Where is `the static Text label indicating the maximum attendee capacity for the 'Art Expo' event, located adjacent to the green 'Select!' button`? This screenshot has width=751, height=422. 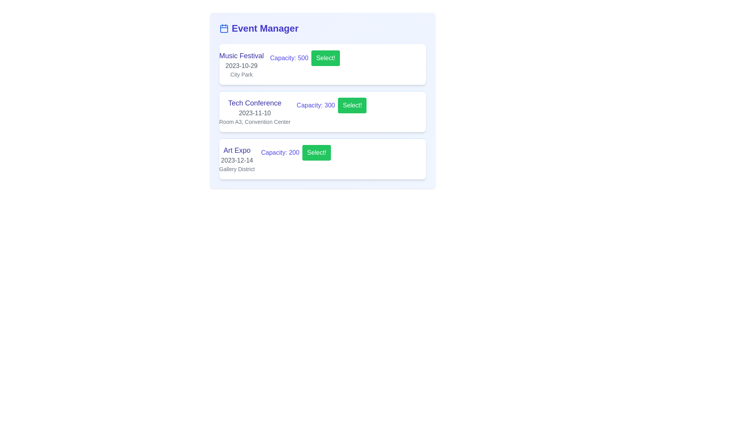 the static Text label indicating the maximum attendee capacity for the 'Art Expo' event, located adjacent to the green 'Select!' button is located at coordinates (280, 152).